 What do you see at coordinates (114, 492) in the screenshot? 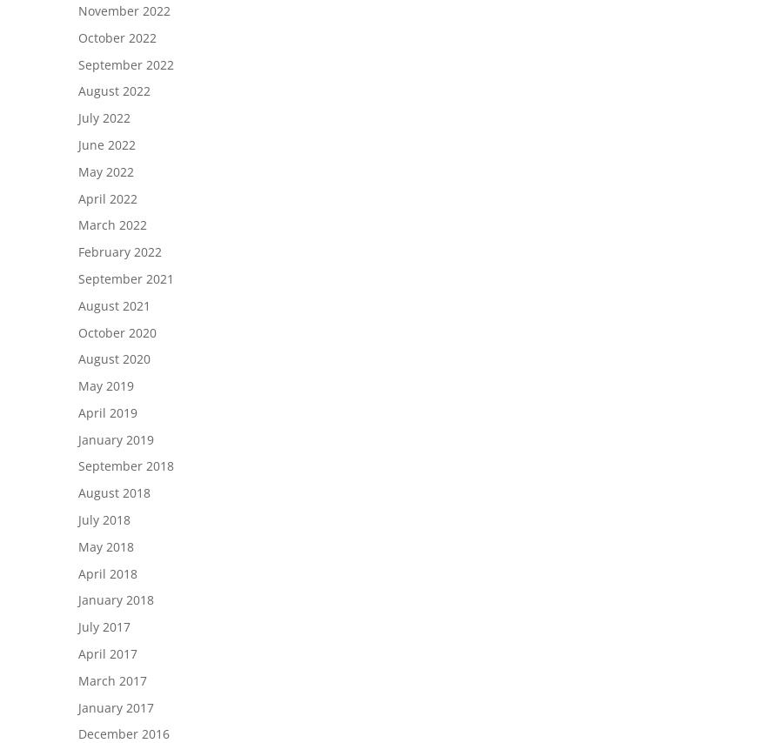
I see `'August 2018'` at bounding box center [114, 492].